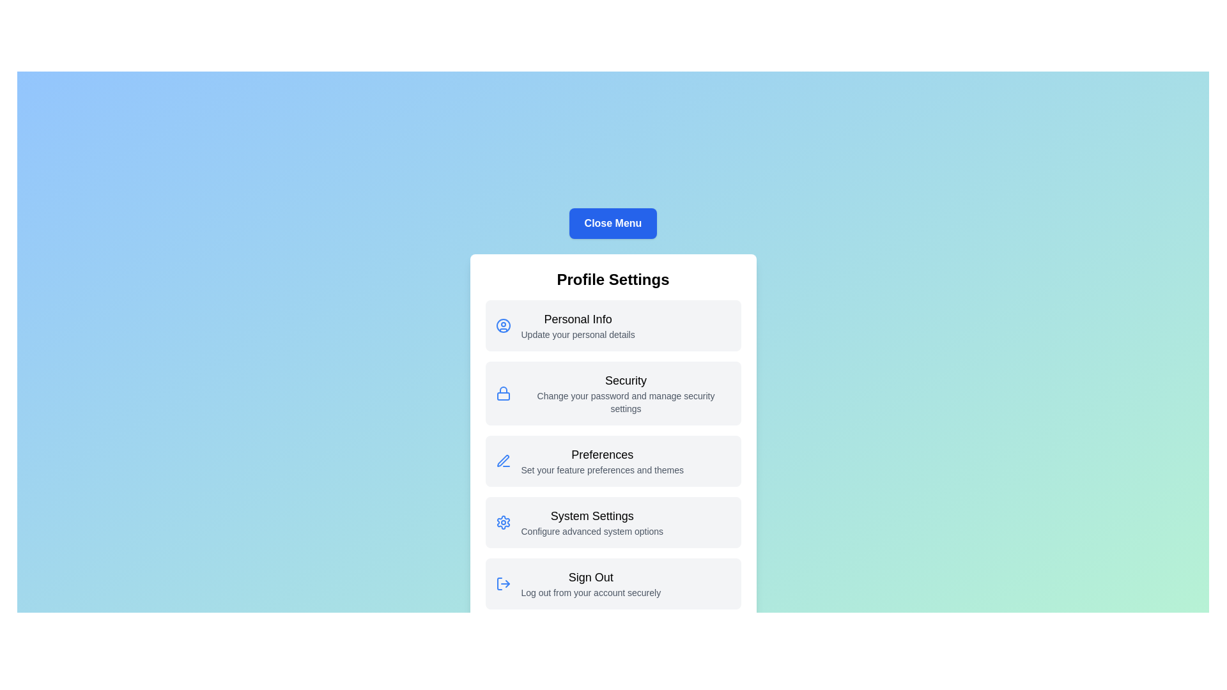 The height and width of the screenshot is (690, 1227). I want to click on the icon associated with the menu item Preferences, so click(502, 461).